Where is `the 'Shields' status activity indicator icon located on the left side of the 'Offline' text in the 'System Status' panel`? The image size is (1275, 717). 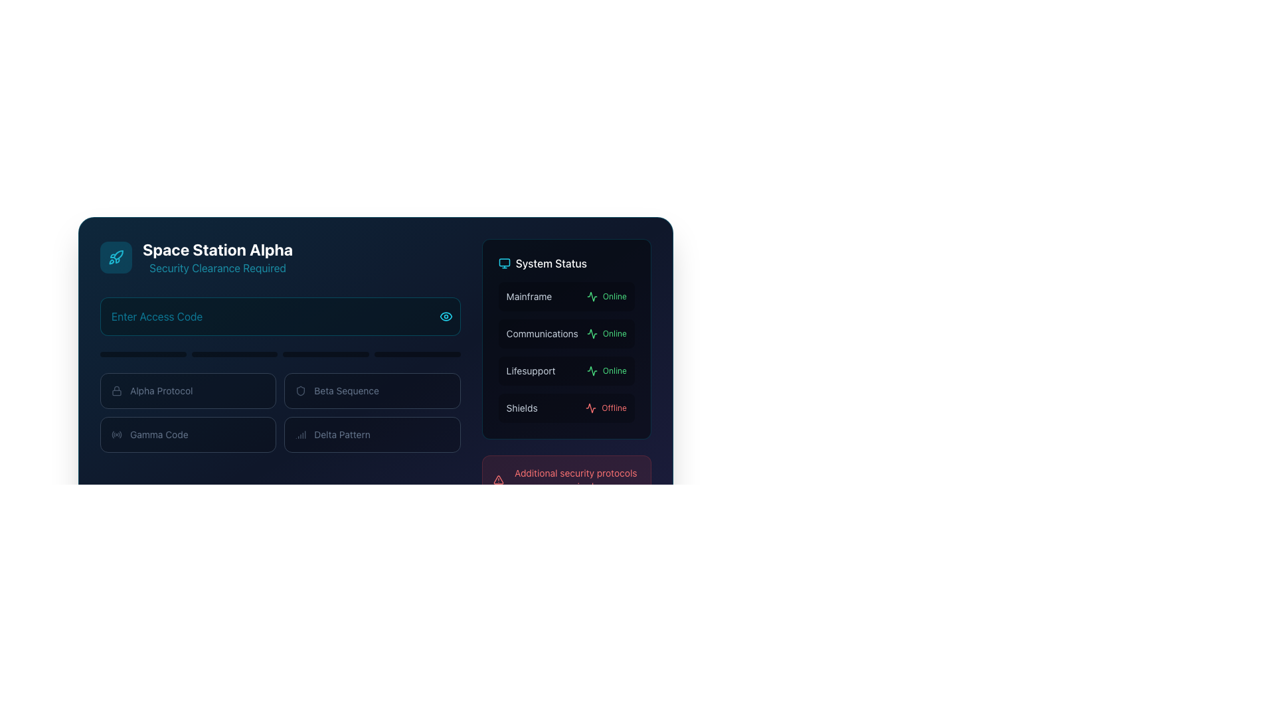
the 'Shields' status activity indicator icon located on the left side of the 'Offline' text in the 'System Status' panel is located at coordinates (590, 407).